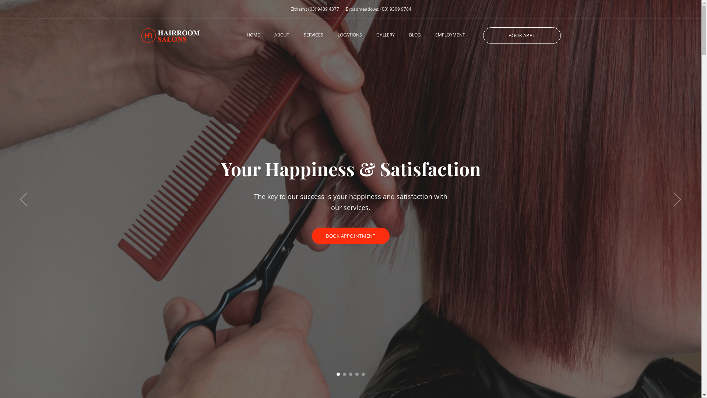 This screenshot has width=707, height=398. What do you see at coordinates (385, 35) in the screenshot?
I see `'GALLERY'` at bounding box center [385, 35].